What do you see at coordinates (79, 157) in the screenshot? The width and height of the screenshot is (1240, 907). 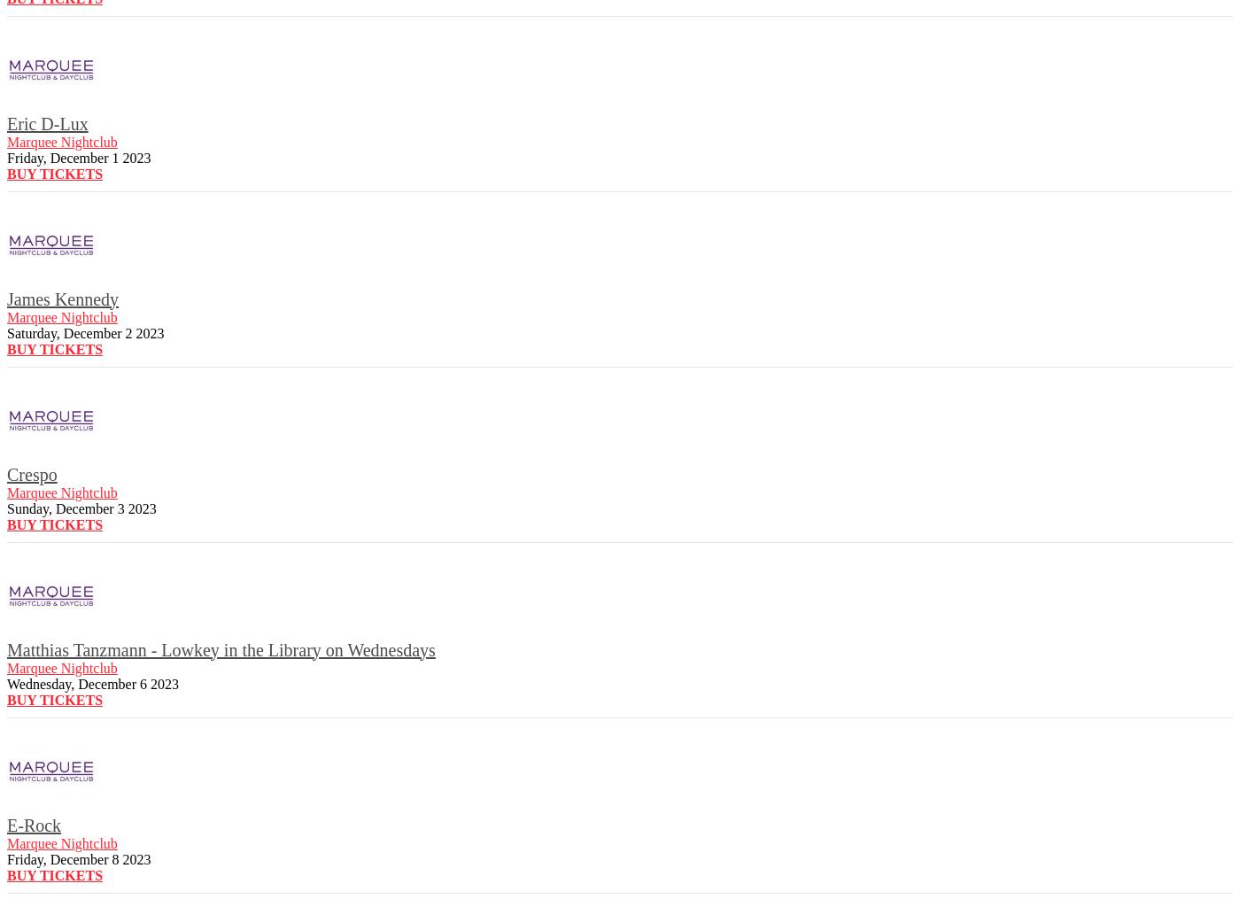 I see `'Friday, December 1 2023'` at bounding box center [79, 157].